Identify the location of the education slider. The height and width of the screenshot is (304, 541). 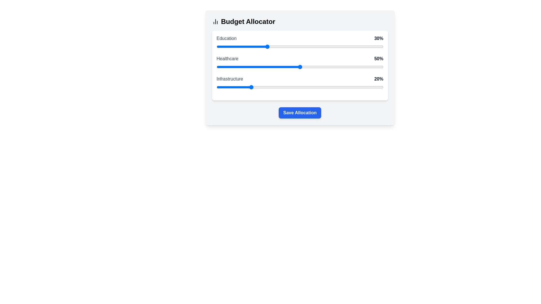
(325, 46).